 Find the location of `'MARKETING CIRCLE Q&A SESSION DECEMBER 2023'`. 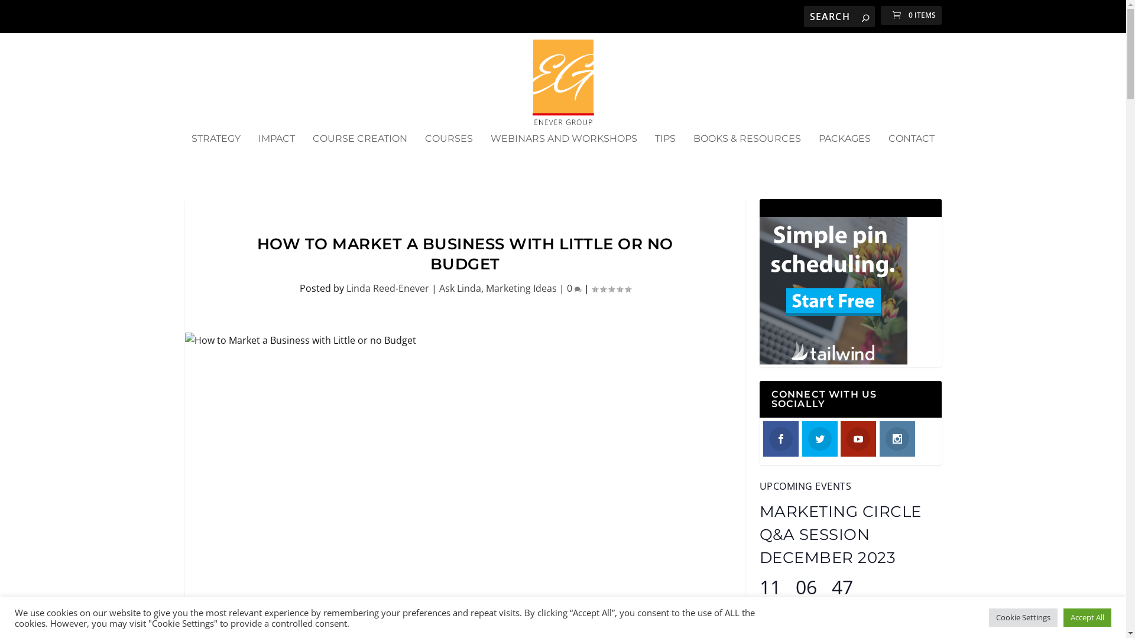

'MARKETING CIRCLE Q&A SESSION DECEMBER 2023' is located at coordinates (839, 535).